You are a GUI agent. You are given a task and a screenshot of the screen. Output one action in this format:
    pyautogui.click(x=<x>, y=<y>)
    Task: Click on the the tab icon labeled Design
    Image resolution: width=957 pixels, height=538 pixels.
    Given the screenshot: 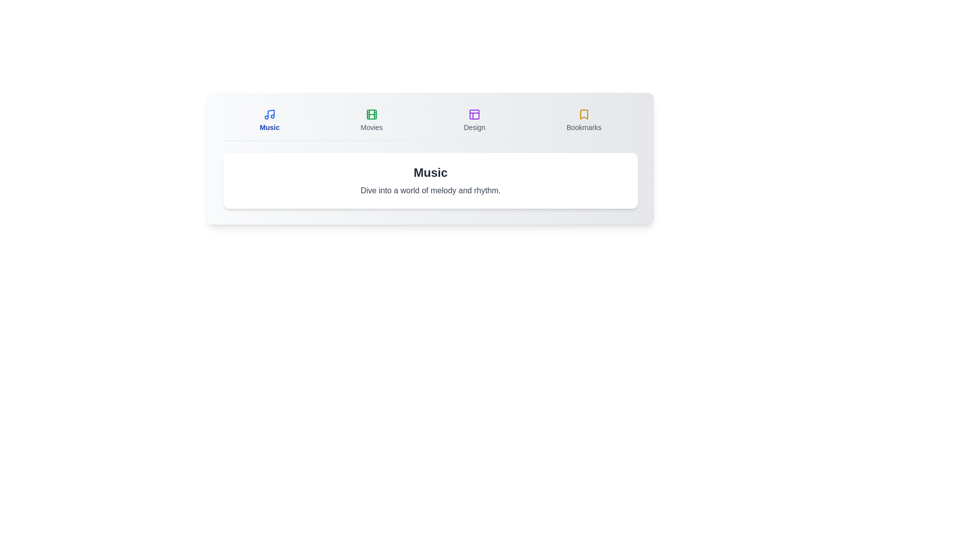 What is the action you would take?
    pyautogui.click(x=474, y=120)
    